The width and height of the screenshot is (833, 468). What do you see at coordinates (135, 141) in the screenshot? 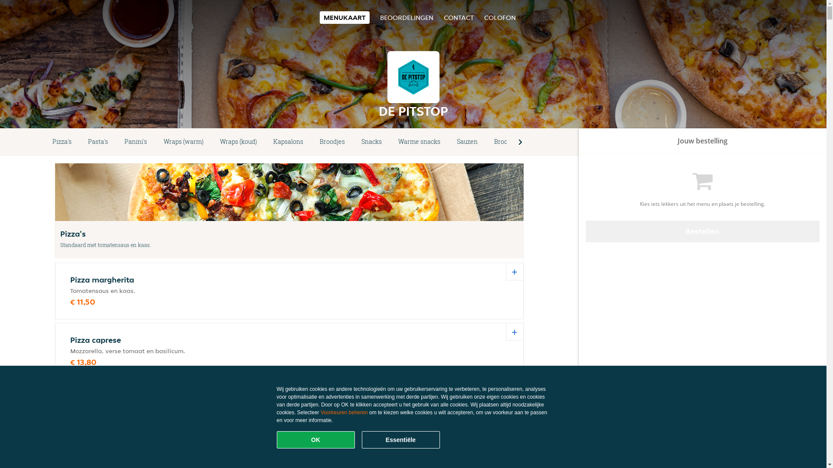
I see `'Panini's'` at bounding box center [135, 141].